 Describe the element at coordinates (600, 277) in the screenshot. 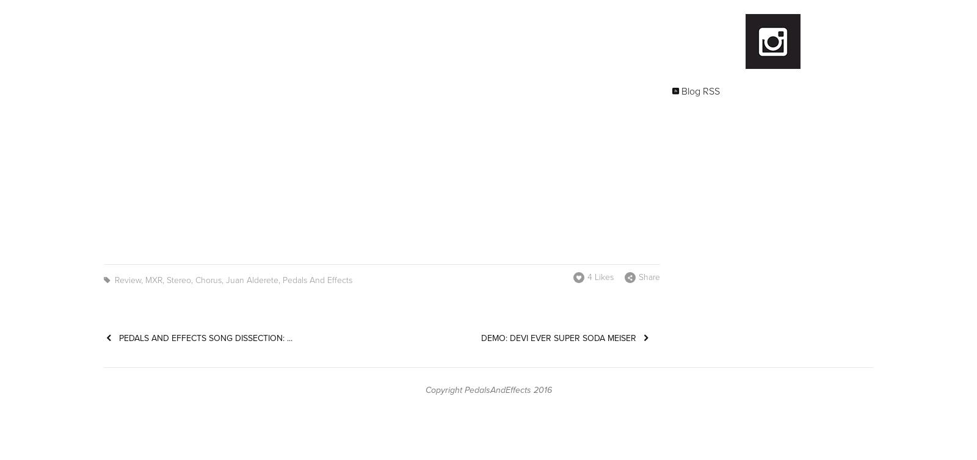

I see `'4 Likes'` at that location.